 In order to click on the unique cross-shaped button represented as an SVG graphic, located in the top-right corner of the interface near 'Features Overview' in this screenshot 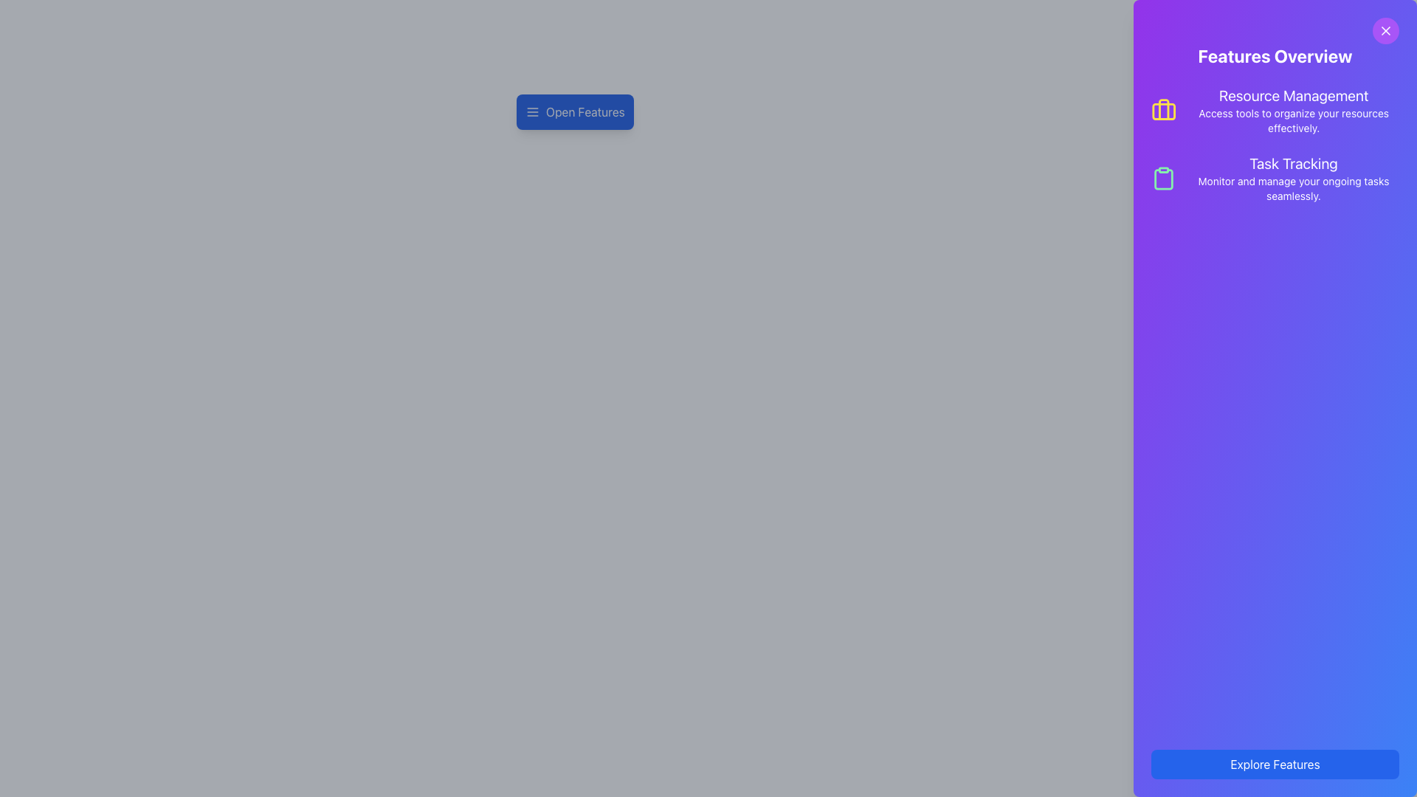, I will do `click(1385, 31)`.